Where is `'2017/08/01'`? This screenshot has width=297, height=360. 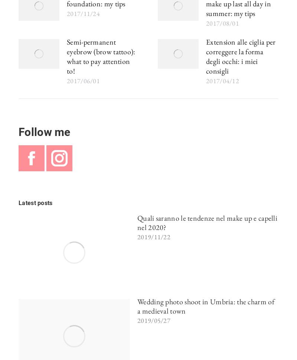 '2017/08/01' is located at coordinates (206, 23).